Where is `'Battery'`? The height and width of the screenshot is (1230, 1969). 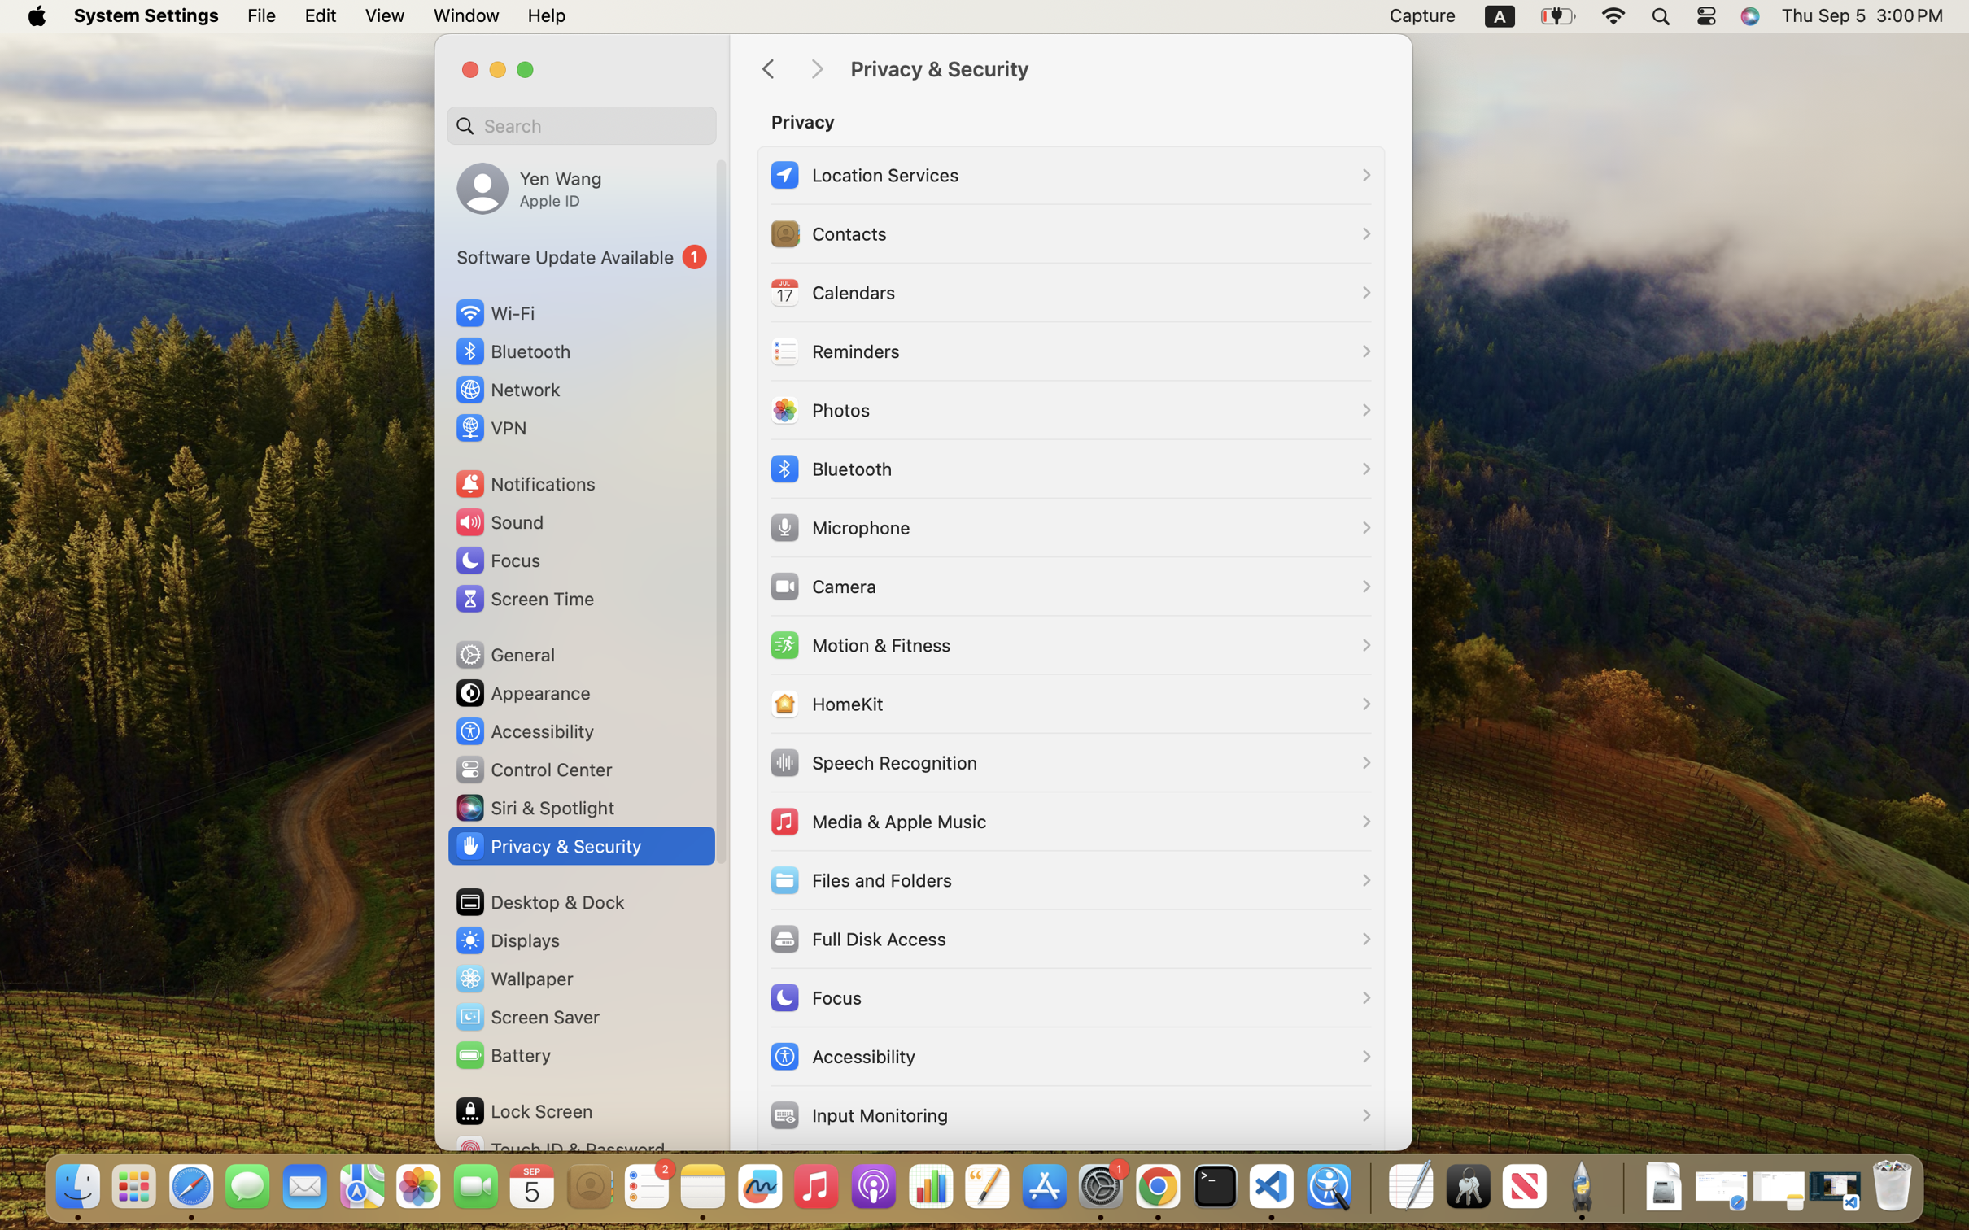
'Battery' is located at coordinates (501, 1054).